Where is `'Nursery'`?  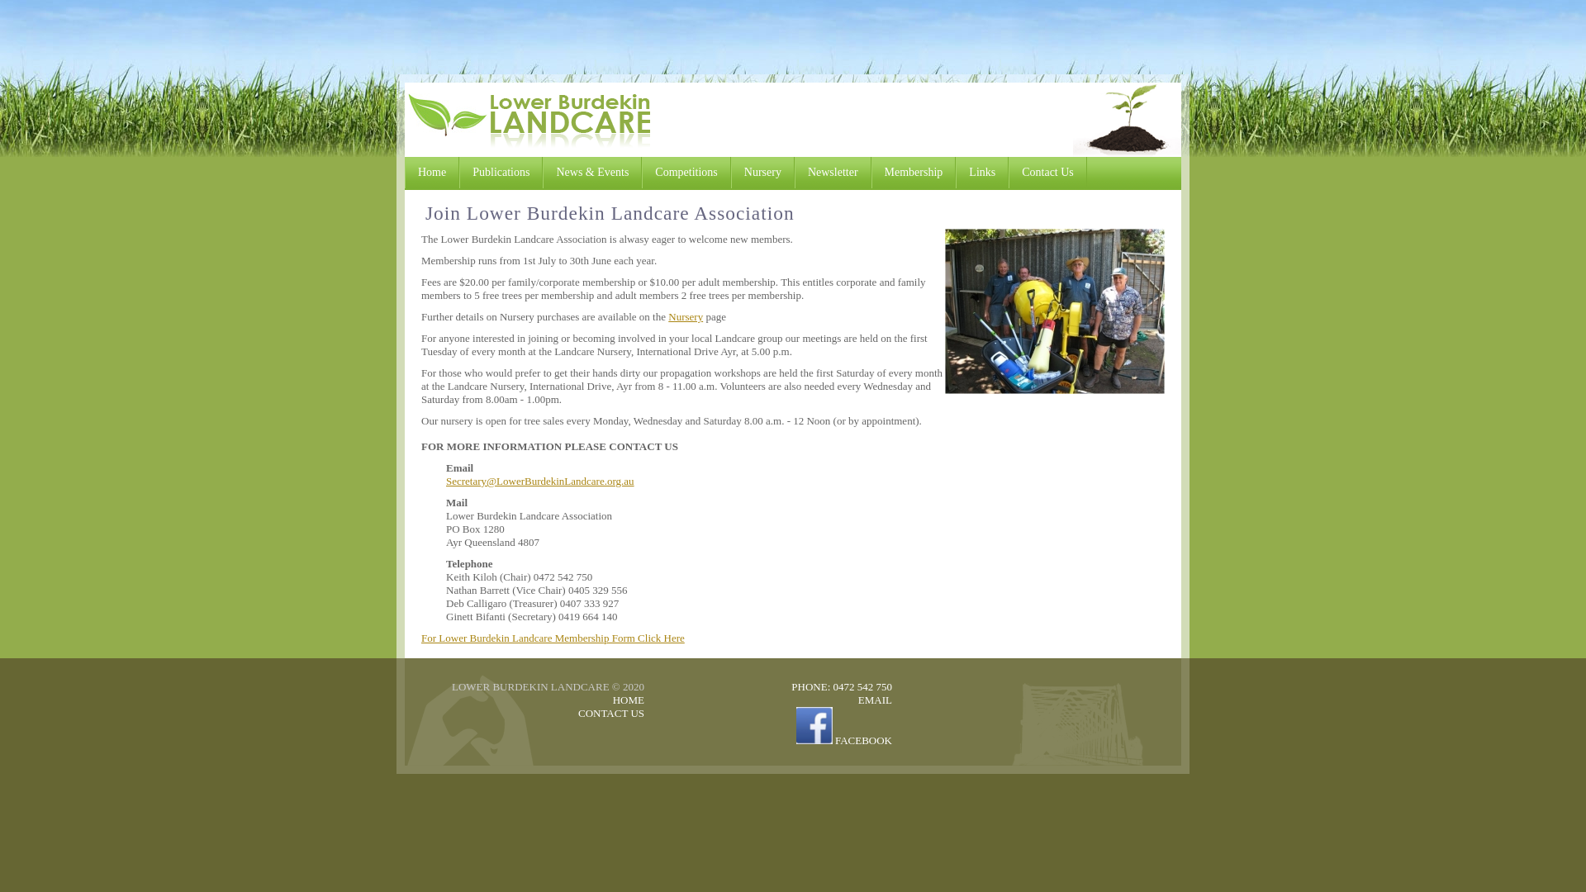 'Nursery' is located at coordinates (686, 316).